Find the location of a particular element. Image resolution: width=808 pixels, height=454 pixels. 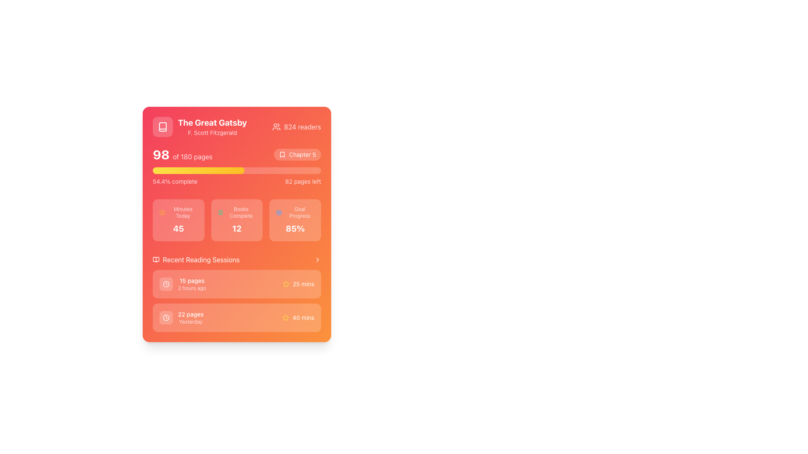

the largest circular graphic element at the center of the targeting design, which is the outermost circle of the icon is located at coordinates (279, 212).